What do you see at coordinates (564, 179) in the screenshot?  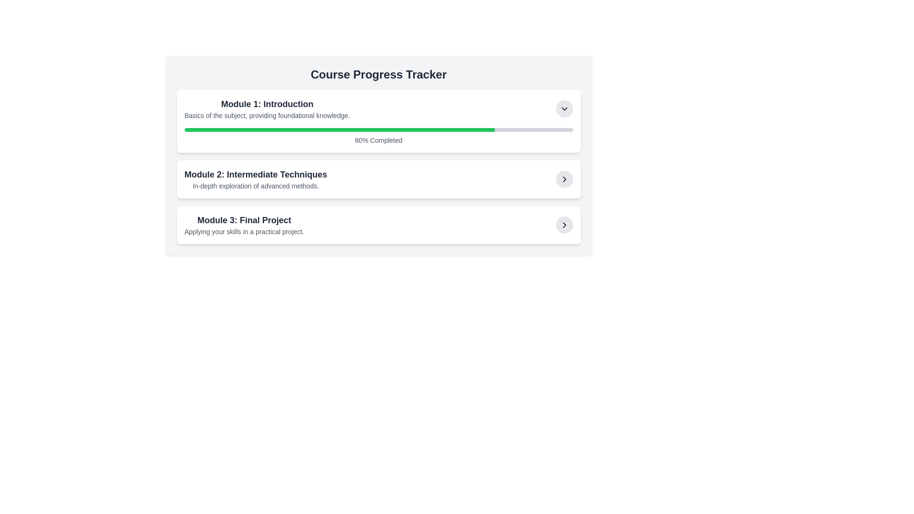 I see `the navigation button that allows users to proceed to the details of the 'Module 2: Intermediate Techniques' section` at bounding box center [564, 179].